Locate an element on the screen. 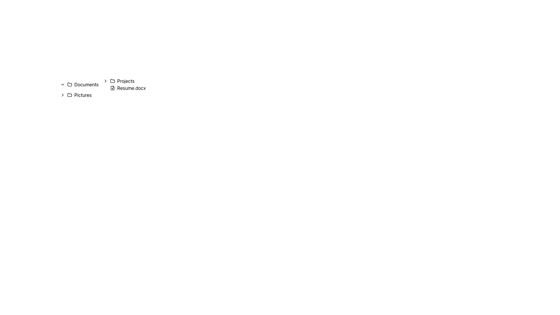  the text label displaying 'Documents' is located at coordinates (86, 84).